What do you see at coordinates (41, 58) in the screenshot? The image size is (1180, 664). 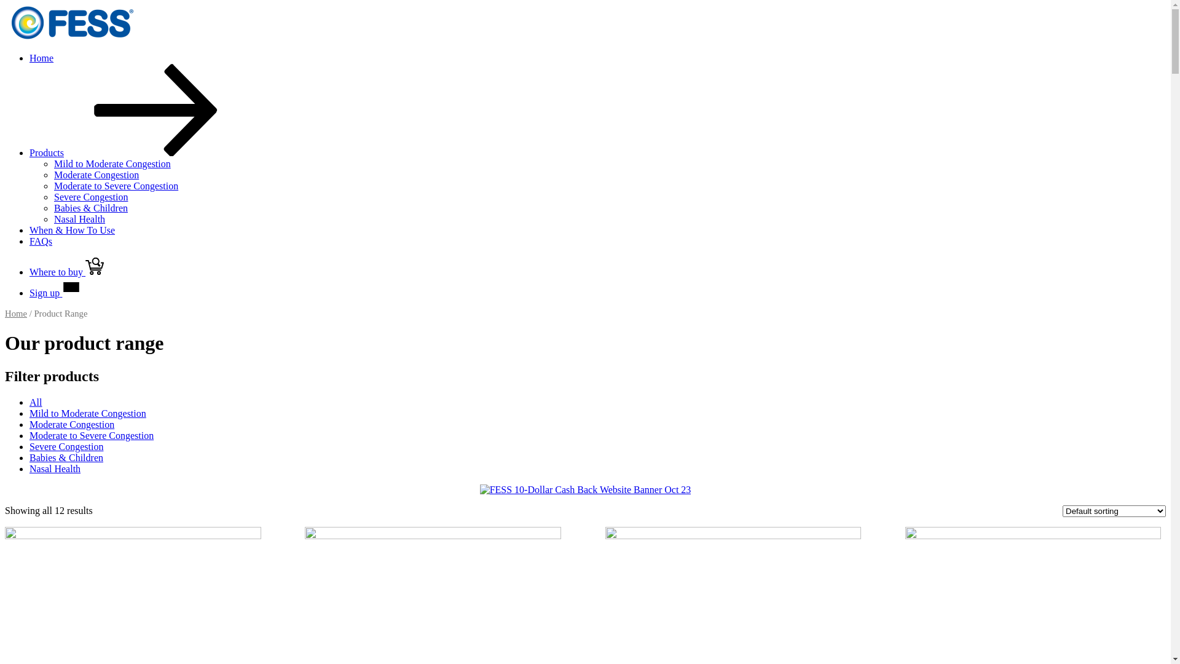 I see `'Home'` at bounding box center [41, 58].